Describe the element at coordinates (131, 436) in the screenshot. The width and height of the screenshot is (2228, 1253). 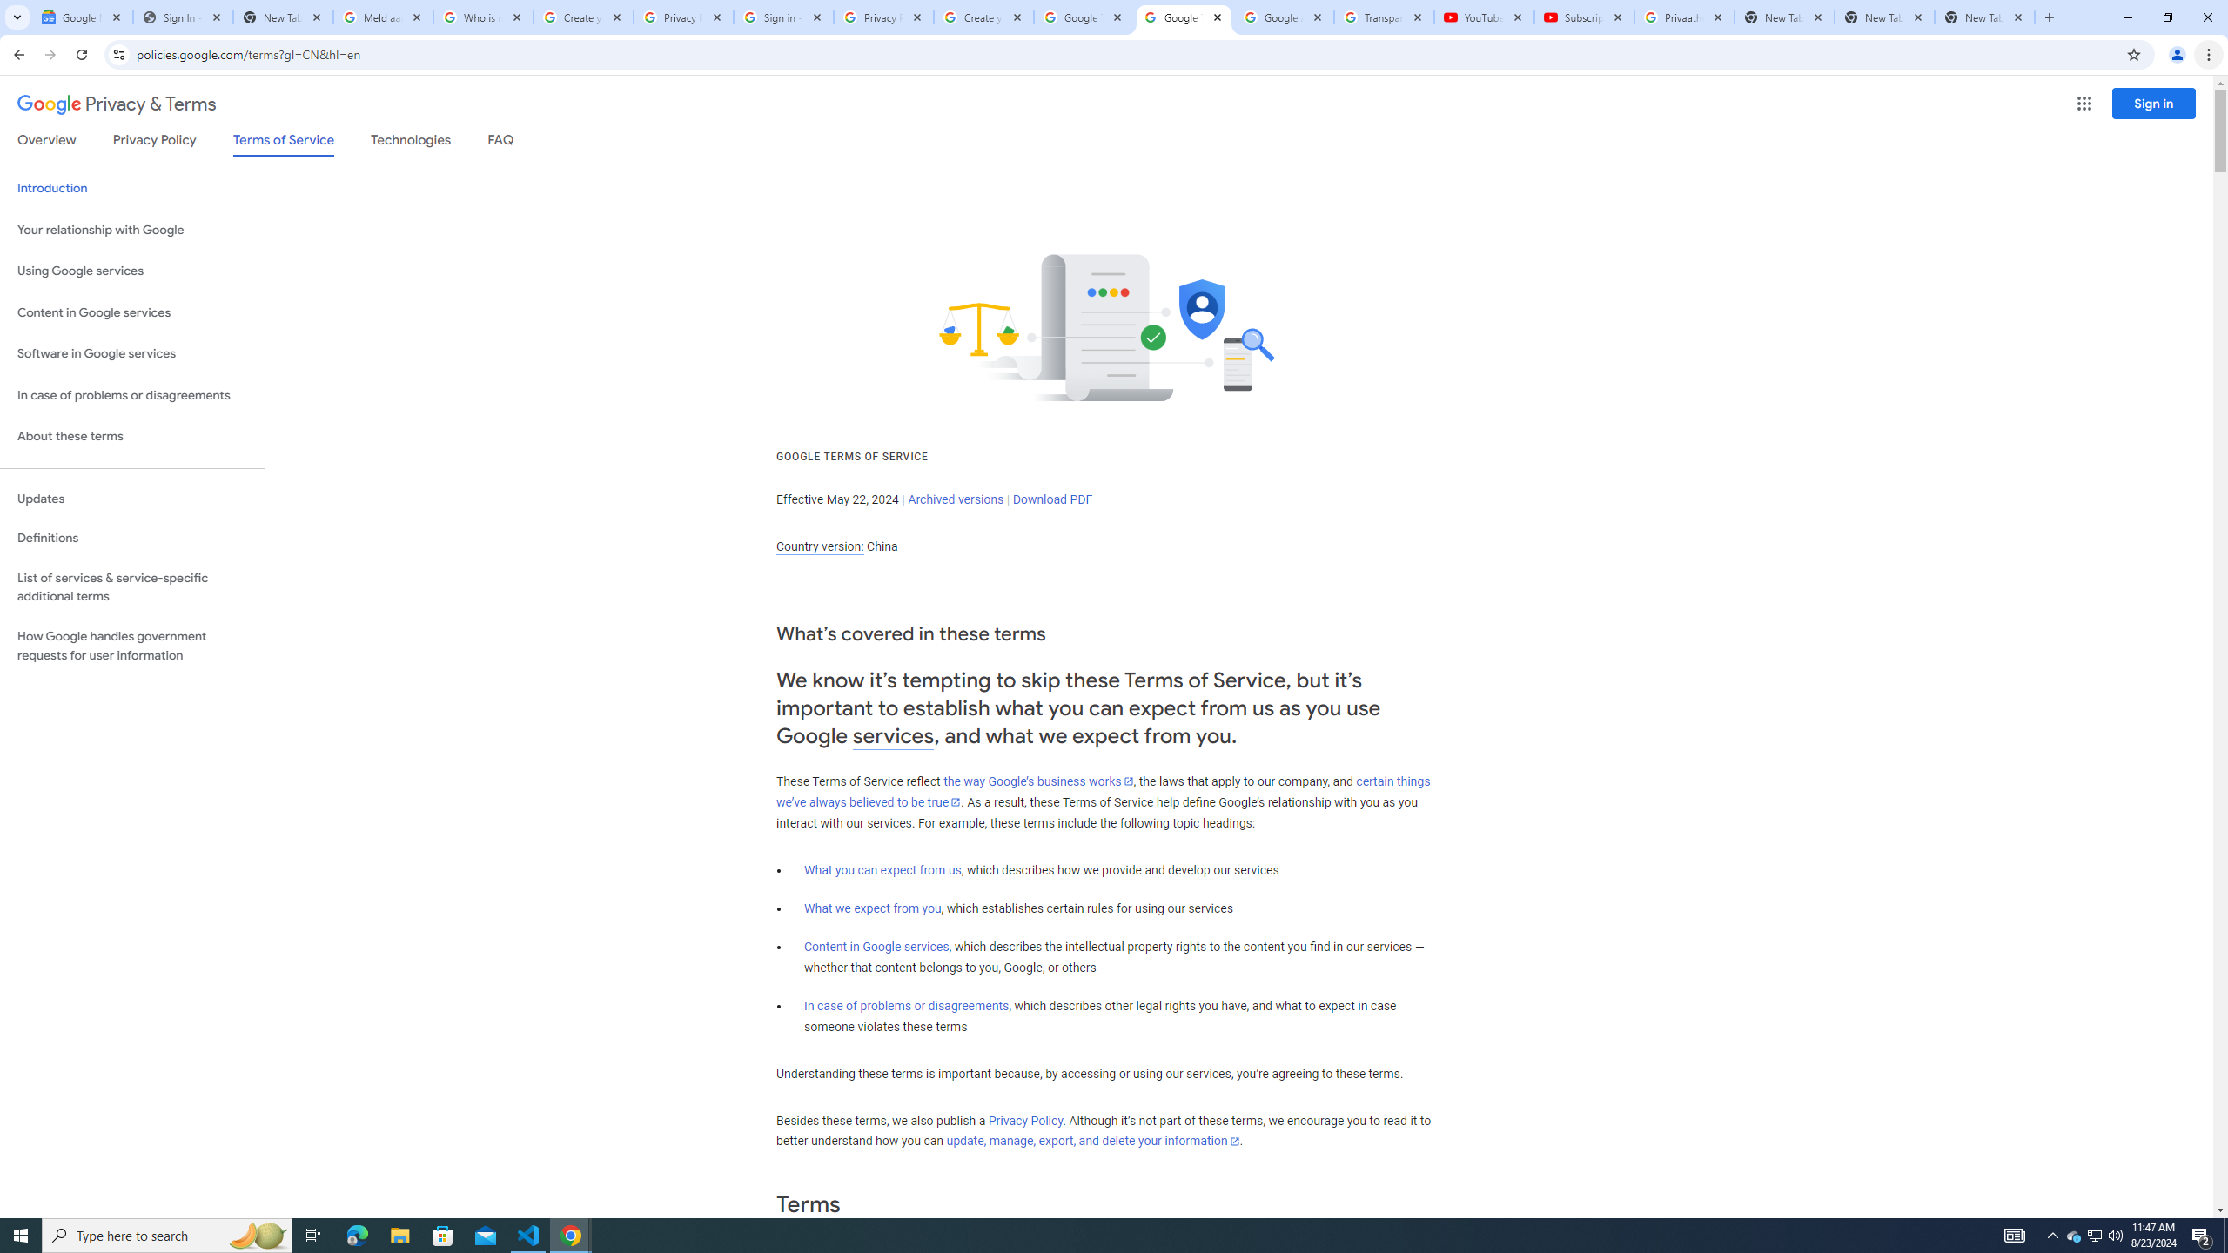
I see `'About these terms'` at that location.